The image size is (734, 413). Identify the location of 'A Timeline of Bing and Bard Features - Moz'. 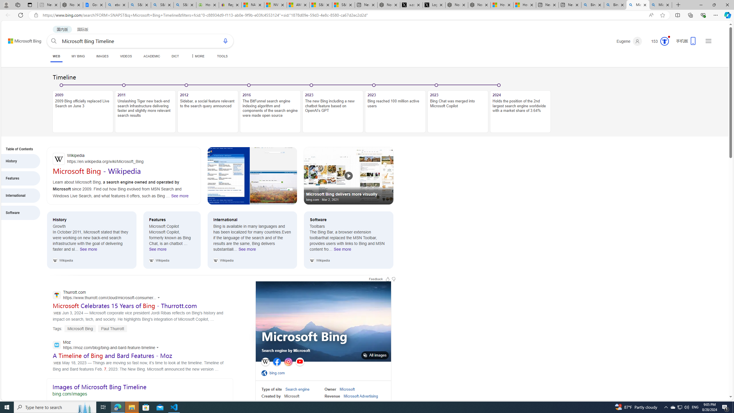
(112, 355).